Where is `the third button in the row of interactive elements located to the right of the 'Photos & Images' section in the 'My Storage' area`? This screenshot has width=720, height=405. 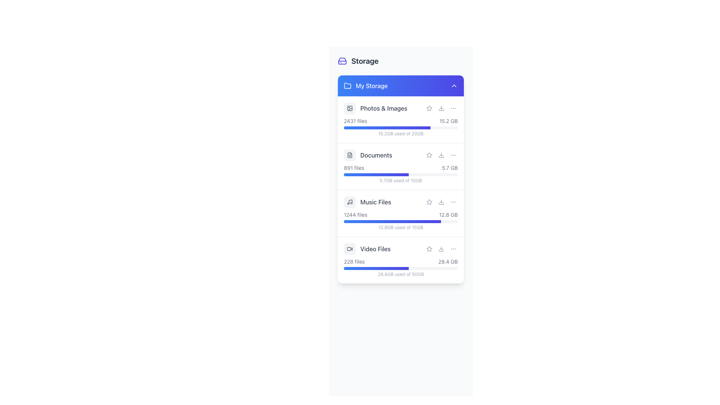 the third button in the row of interactive elements located to the right of the 'Photos & Images' section in the 'My Storage' area is located at coordinates (453, 108).